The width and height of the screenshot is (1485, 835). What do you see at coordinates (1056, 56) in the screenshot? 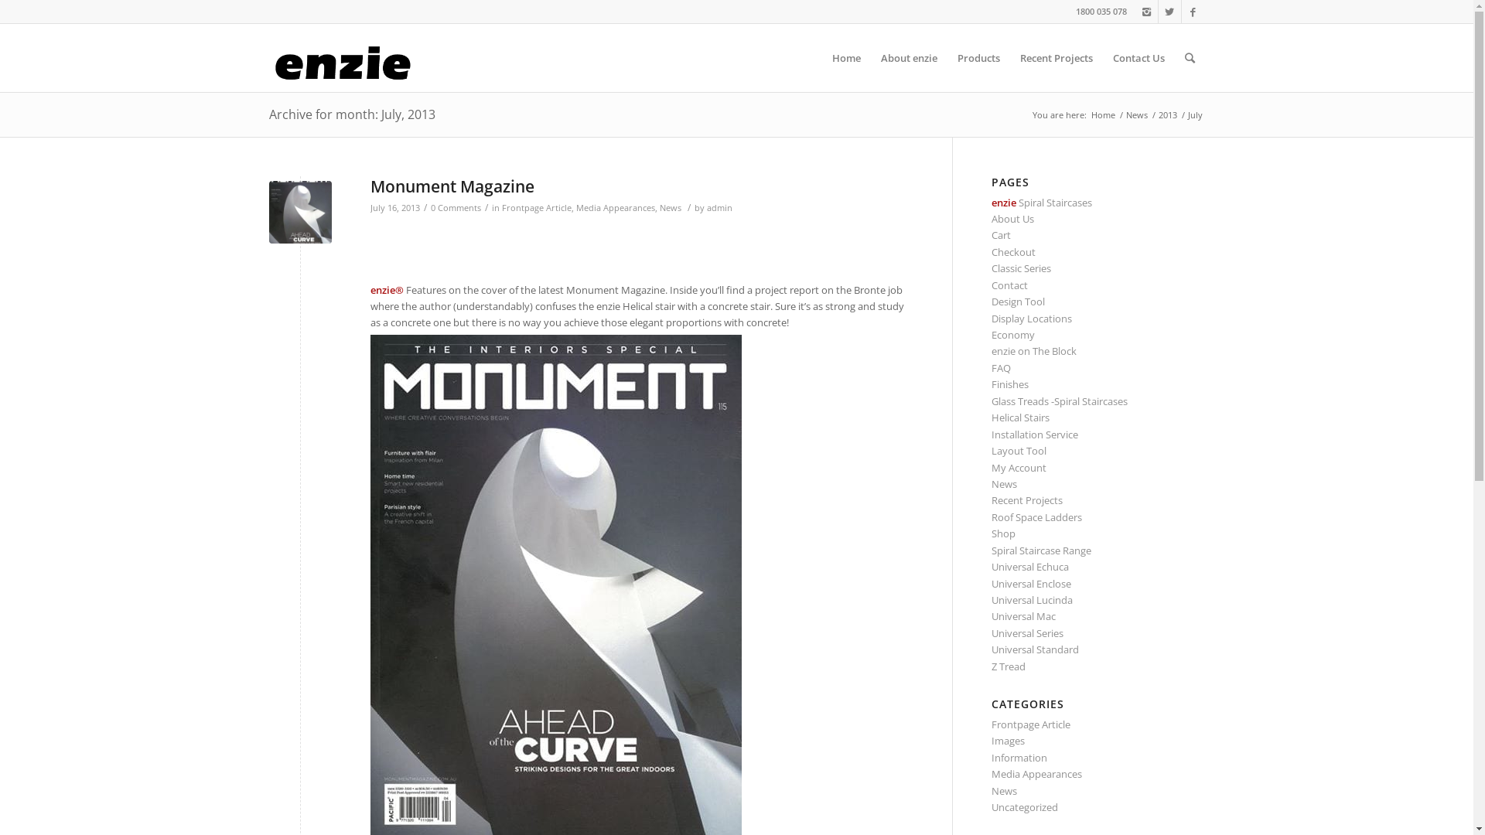
I see `'Recent Projects'` at bounding box center [1056, 56].